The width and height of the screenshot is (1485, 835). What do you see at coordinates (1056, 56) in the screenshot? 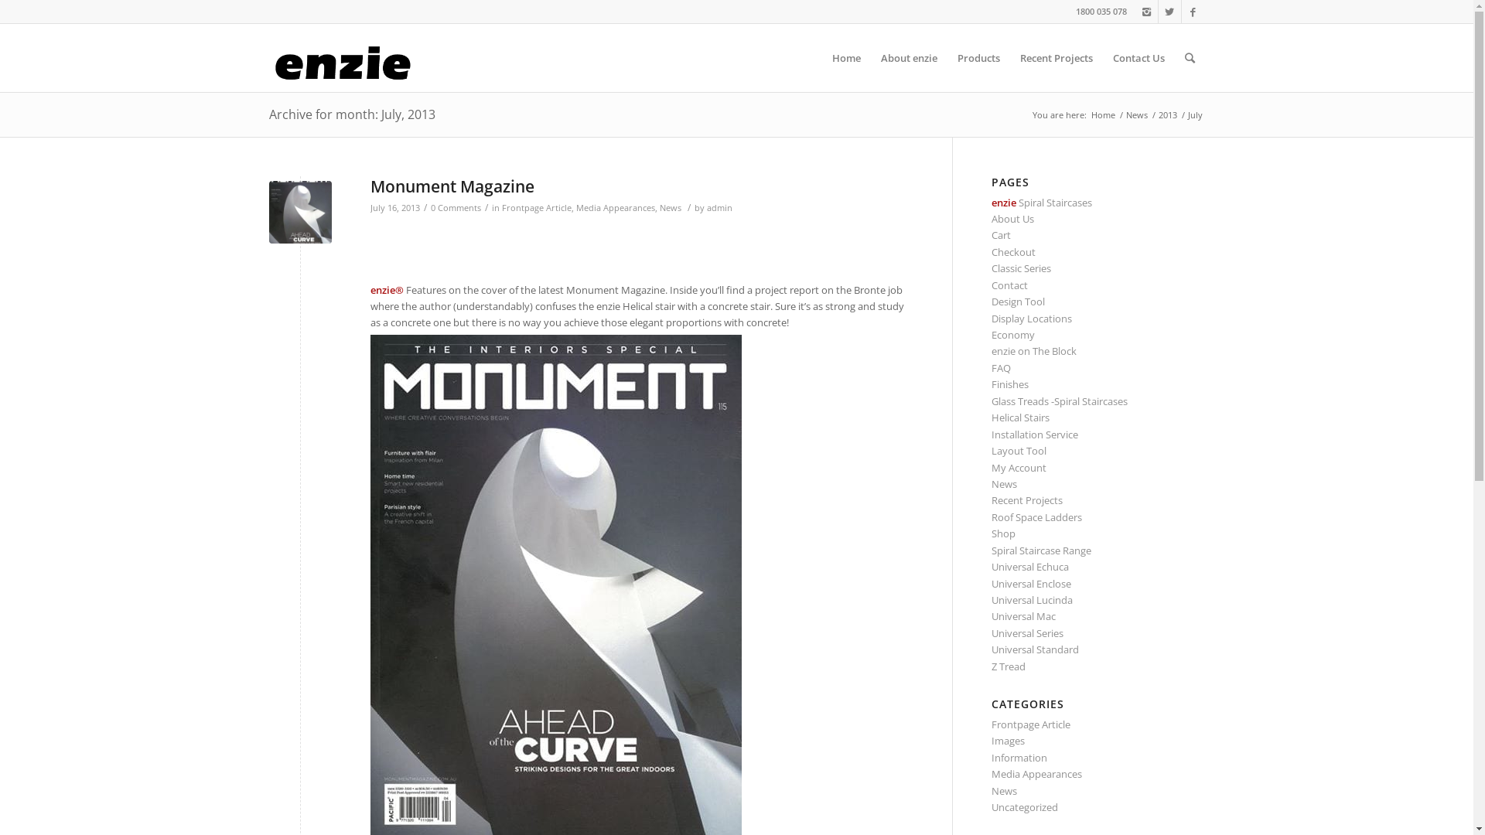
I see `'Recent Projects'` at bounding box center [1056, 56].